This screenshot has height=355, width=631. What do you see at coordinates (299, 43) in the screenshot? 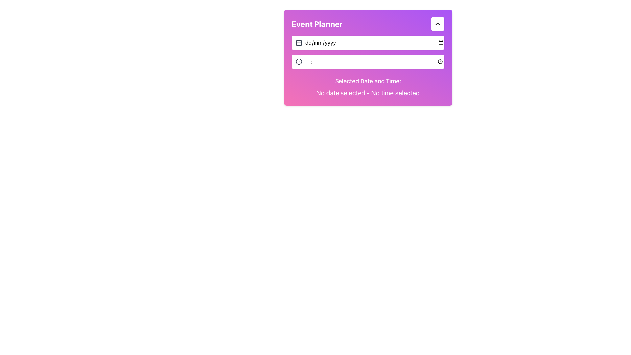
I see `the calendar icon, which is a grayish calendar representation located to the left of the 'dd/mm/yyyy' input field in the date picker section` at bounding box center [299, 43].